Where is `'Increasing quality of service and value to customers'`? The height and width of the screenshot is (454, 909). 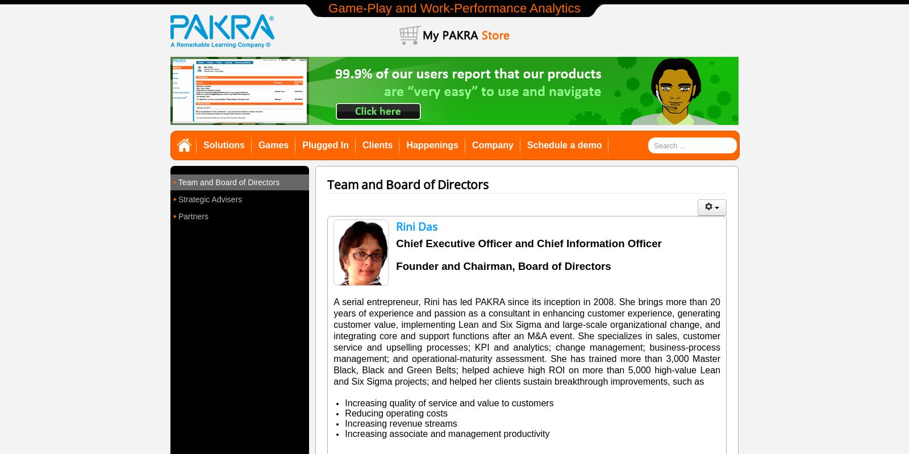
'Increasing quality of service and value to customers' is located at coordinates (449, 402).